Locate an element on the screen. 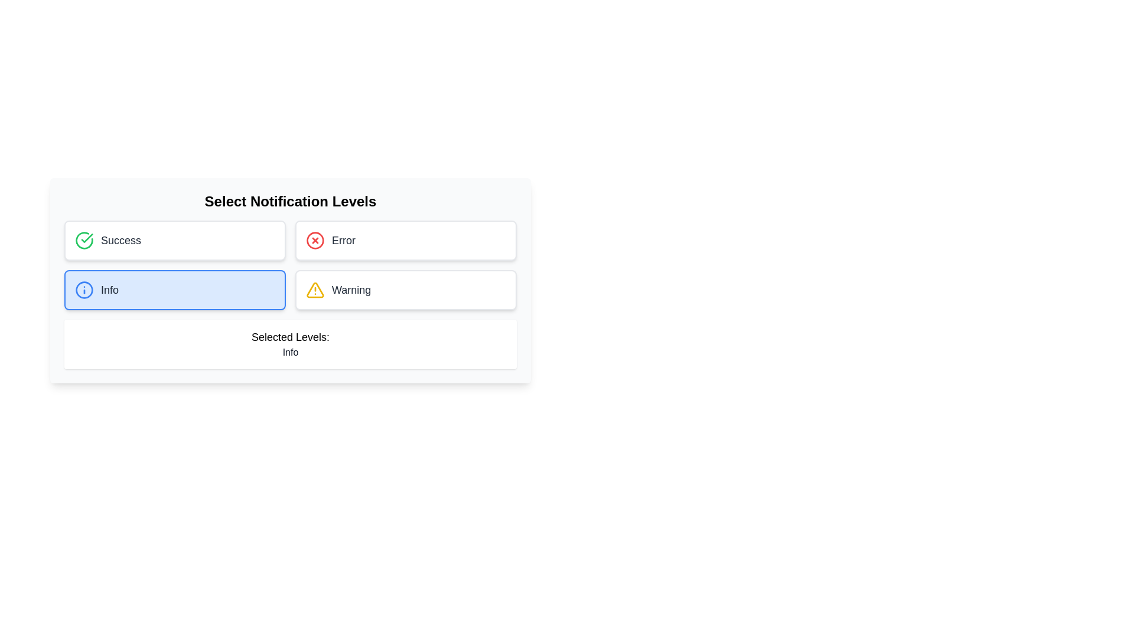 Image resolution: width=1134 pixels, height=637 pixels. the Info notification button is located at coordinates (174, 290).